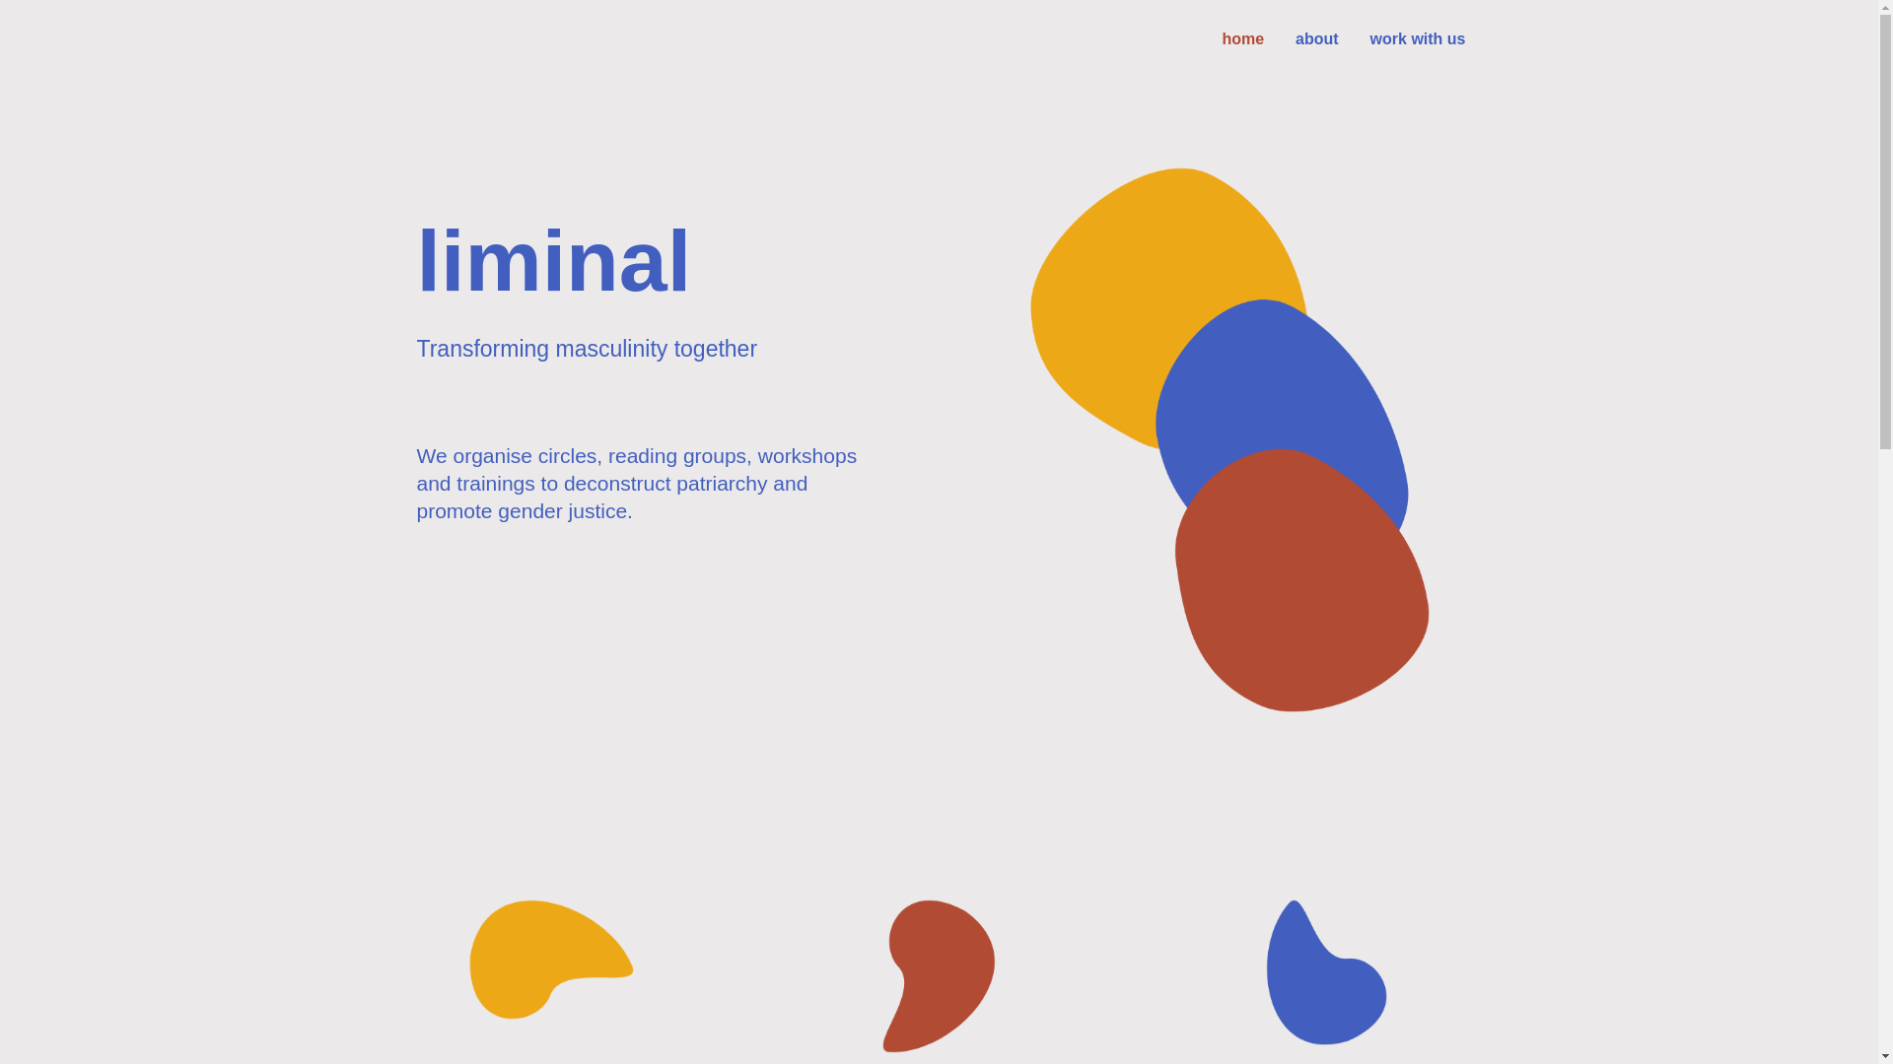 This screenshot has width=1893, height=1064. What do you see at coordinates (1241, 38) in the screenshot?
I see `'home'` at bounding box center [1241, 38].